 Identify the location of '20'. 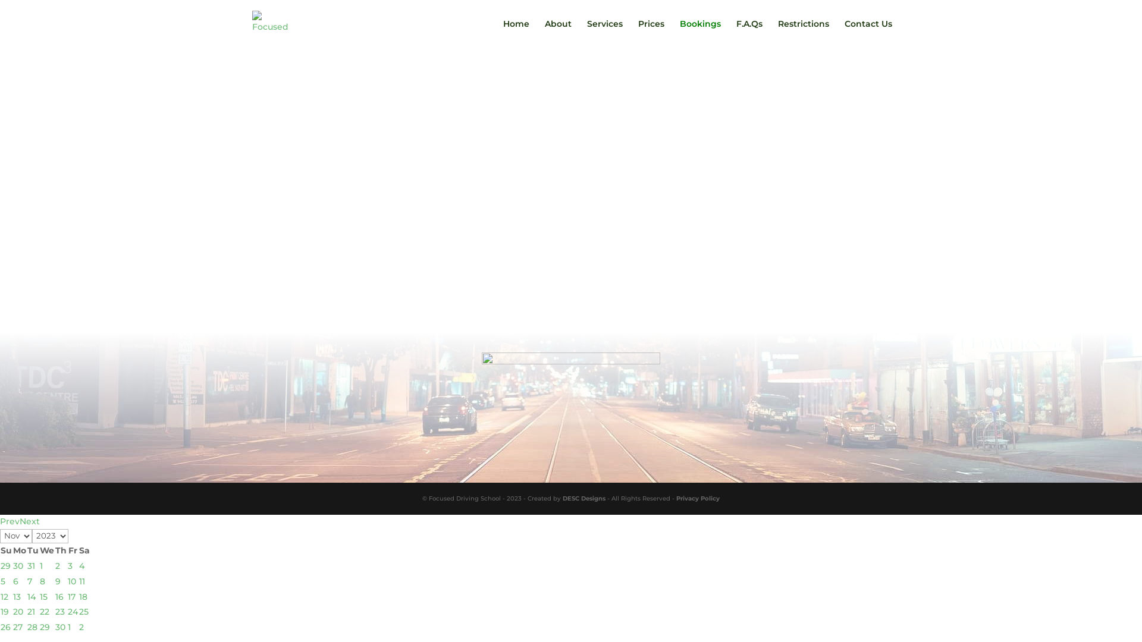
(13, 612).